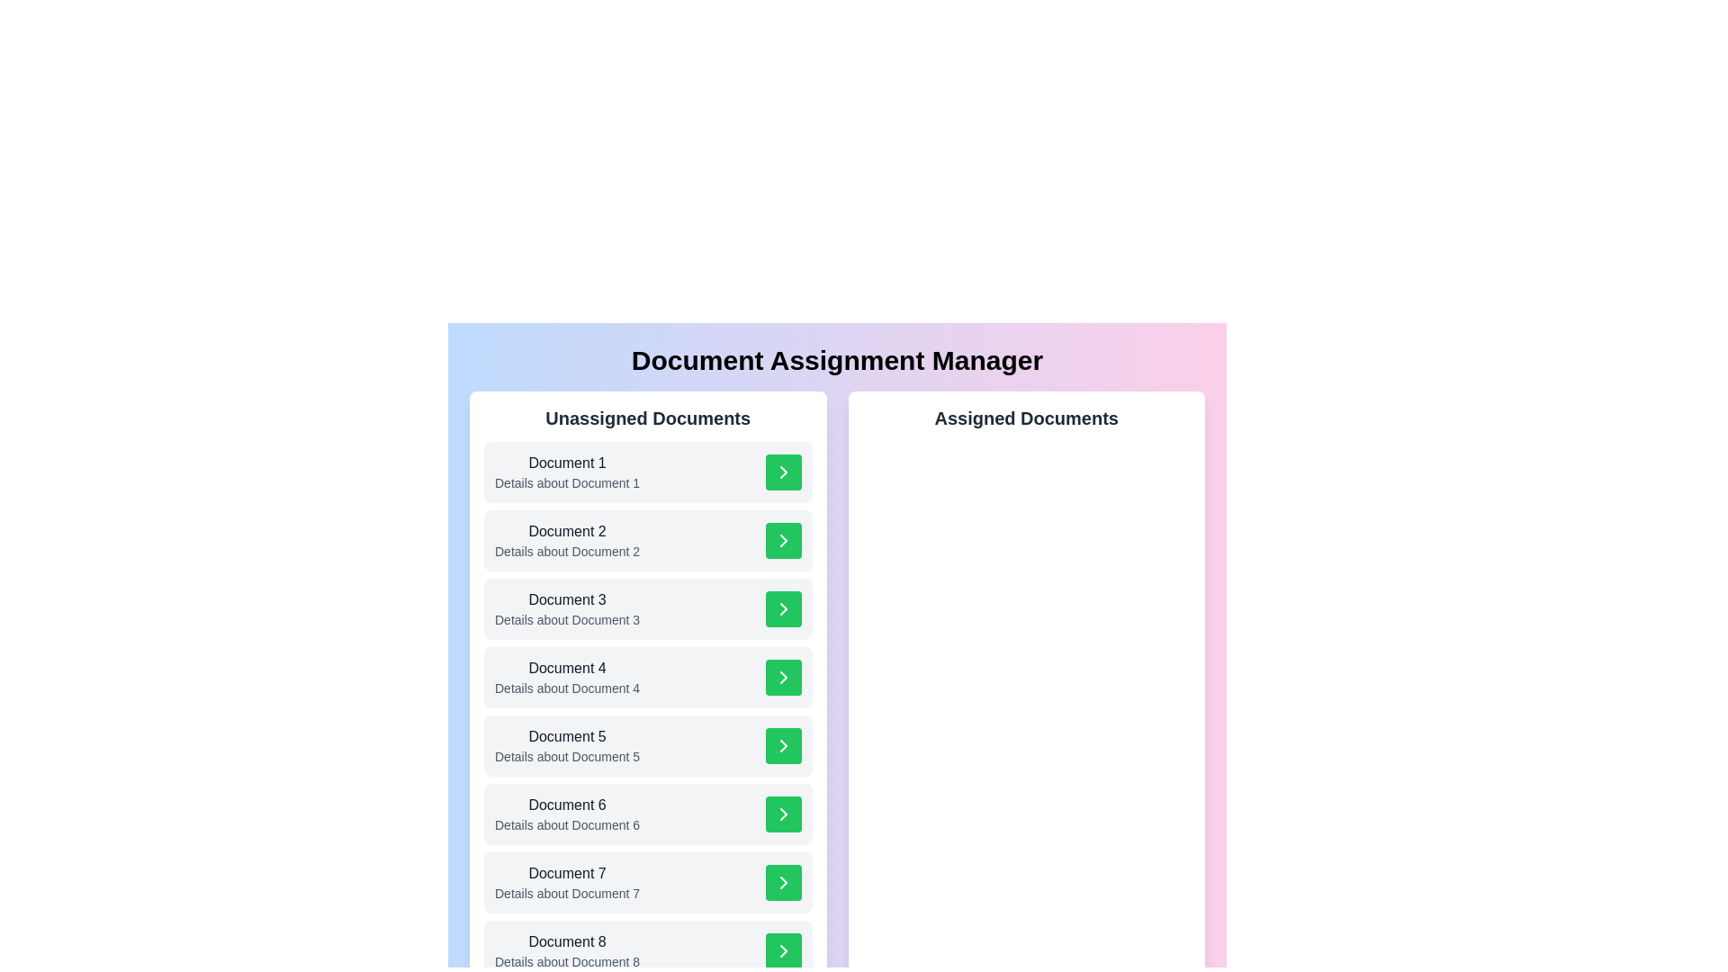  What do you see at coordinates (566, 481) in the screenshot?
I see `the text element displaying 'Details about Document 1', which is located directly beneath the bolded text 'Document 1' in the top-left section of the 'Unassigned Documents' interface` at bounding box center [566, 481].